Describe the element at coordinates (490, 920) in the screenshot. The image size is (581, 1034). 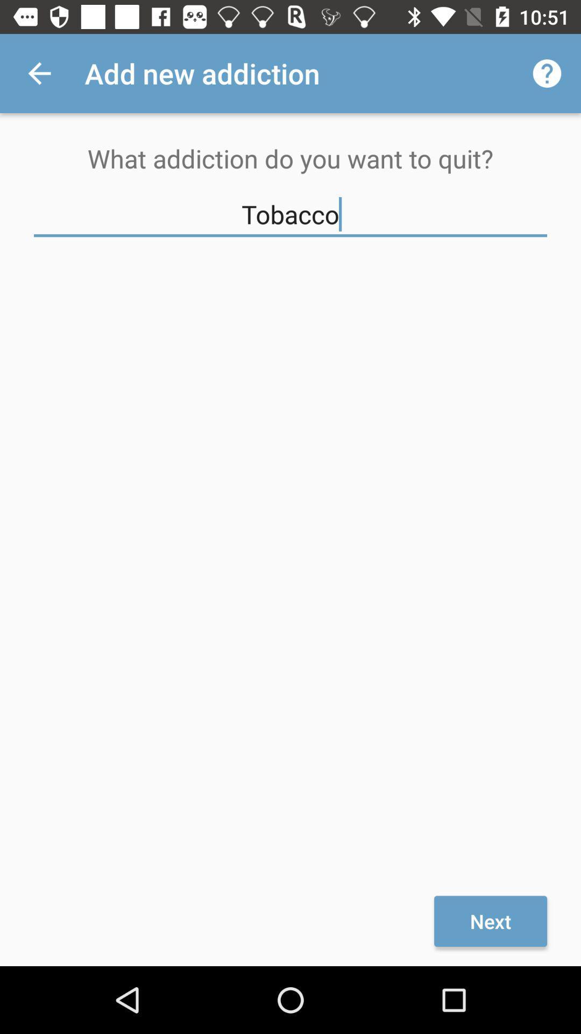
I see `the icon at the bottom right corner` at that location.